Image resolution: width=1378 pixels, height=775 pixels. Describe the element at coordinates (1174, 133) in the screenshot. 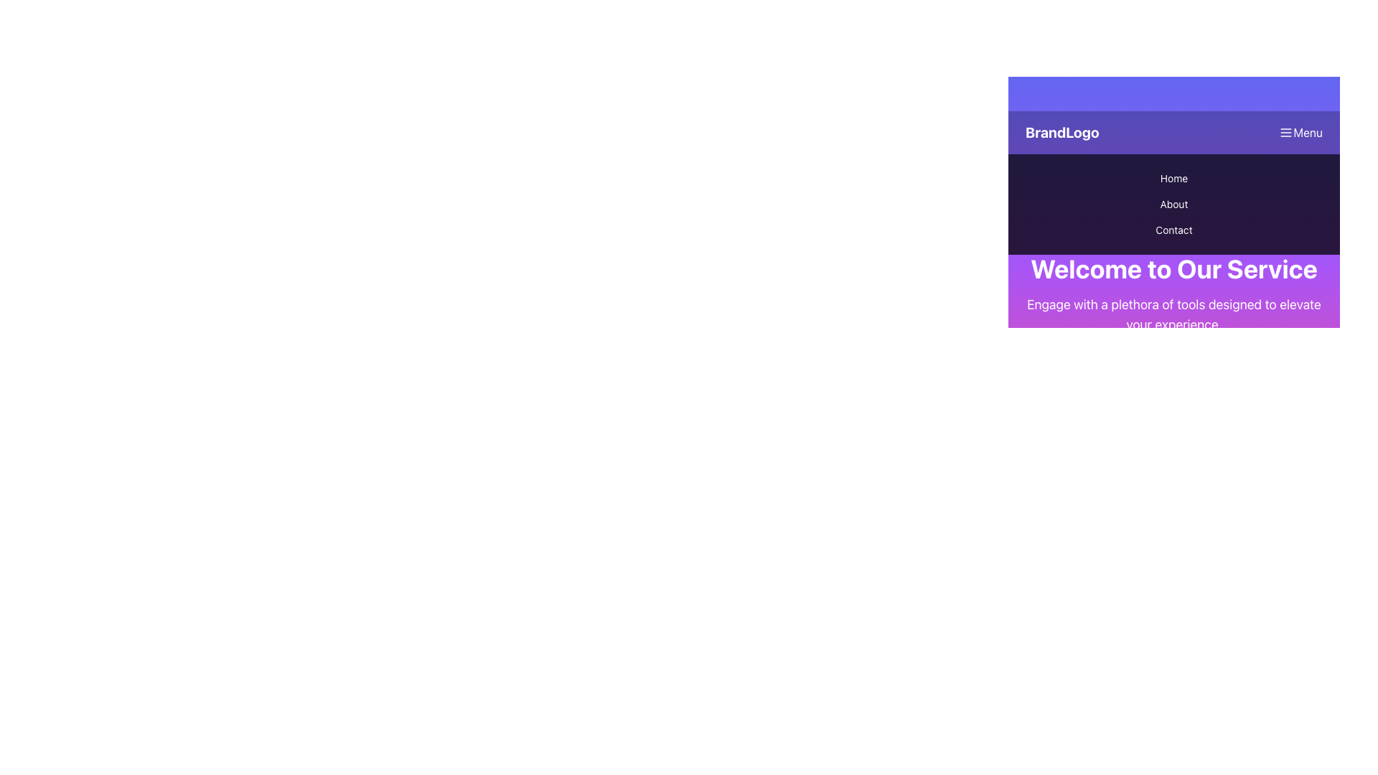

I see `the Navigation bar, which has a black translucent background, displaying 'BrandLogo' on the left and 'Menu' on the right` at that location.